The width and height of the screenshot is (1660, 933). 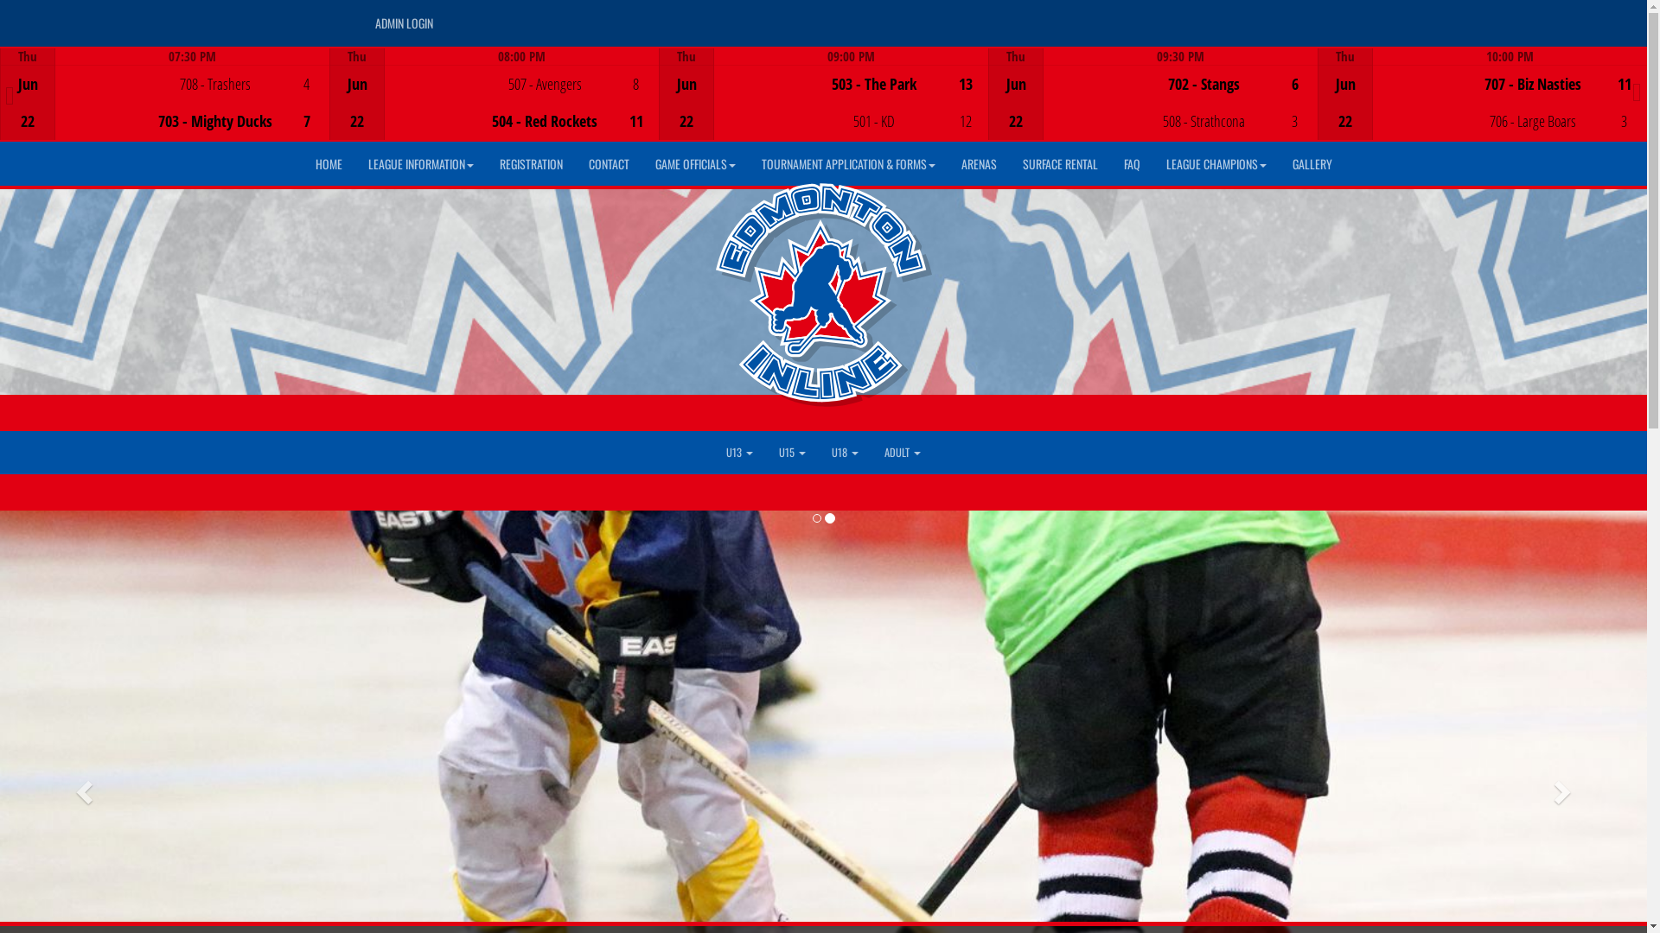 What do you see at coordinates (901, 452) in the screenshot?
I see `'ADULT'` at bounding box center [901, 452].